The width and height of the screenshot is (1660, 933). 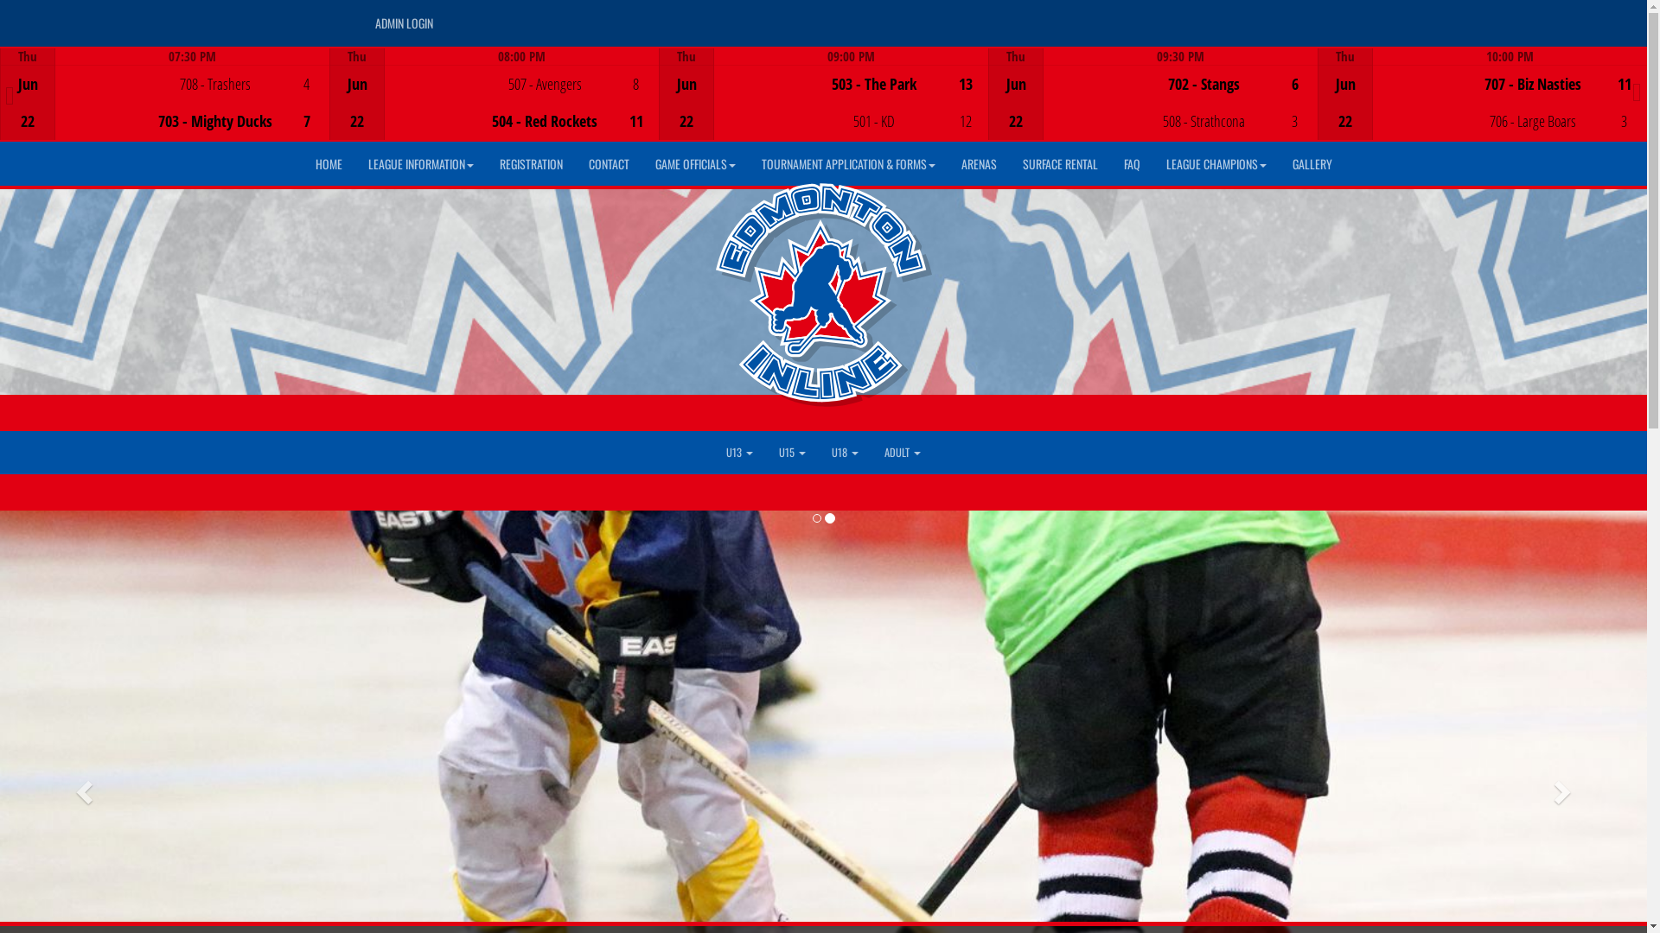 What do you see at coordinates (901, 452) in the screenshot?
I see `'ADULT'` at bounding box center [901, 452].